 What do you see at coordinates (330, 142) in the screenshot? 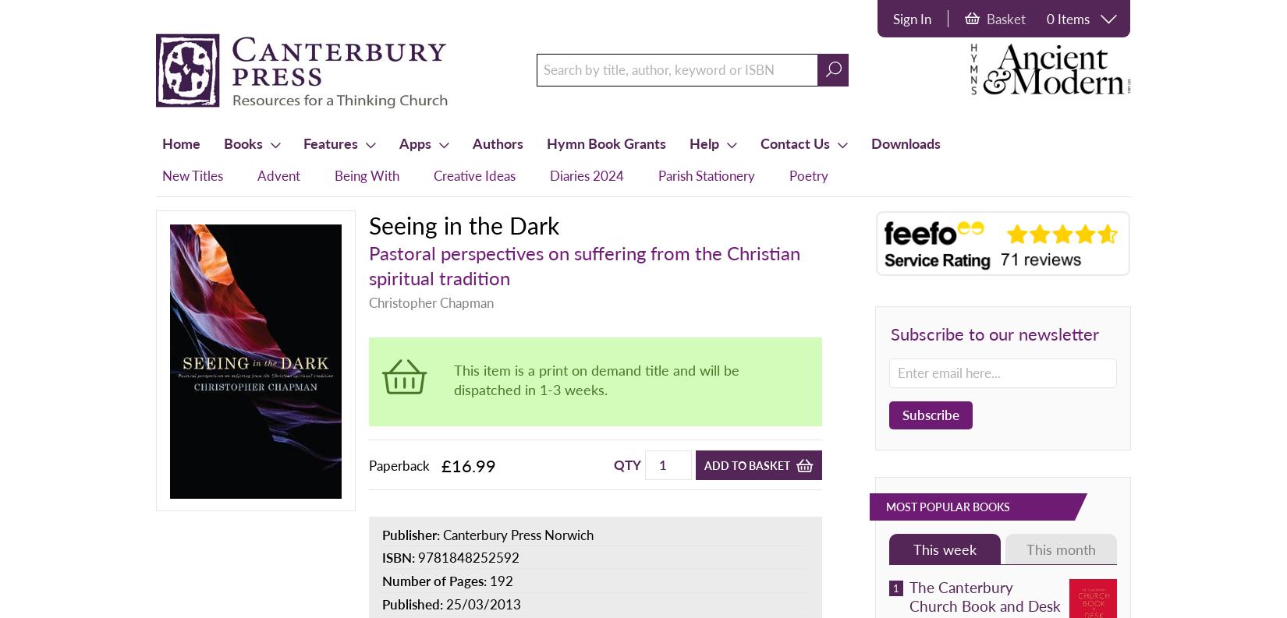
I see `'Features'` at bounding box center [330, 142].